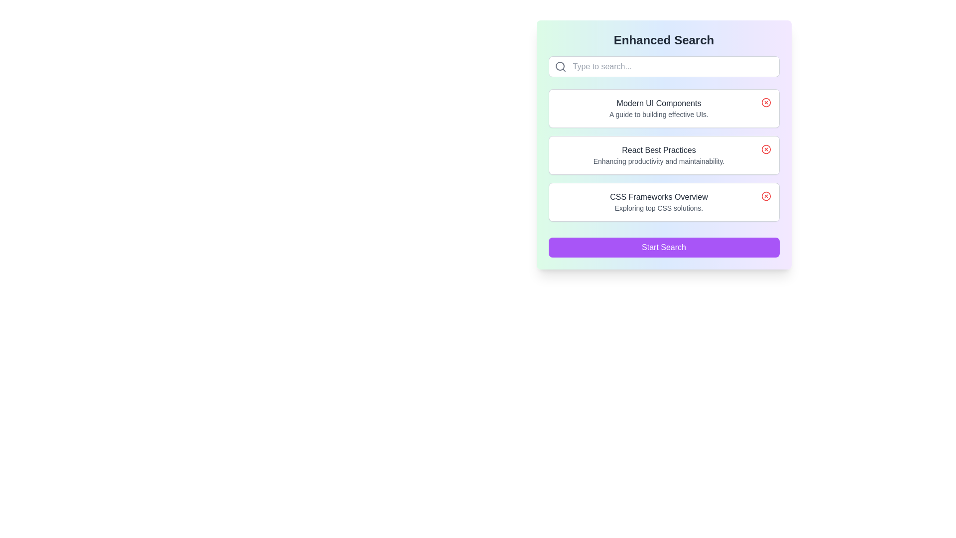  Describe the element at coordinates (659, 202) in the screenshot. I see `the informational text block located in the third list item of the main content block beneath 'Enhanced Search', which presents a title and subtitle about CSS frameworks` at that location.